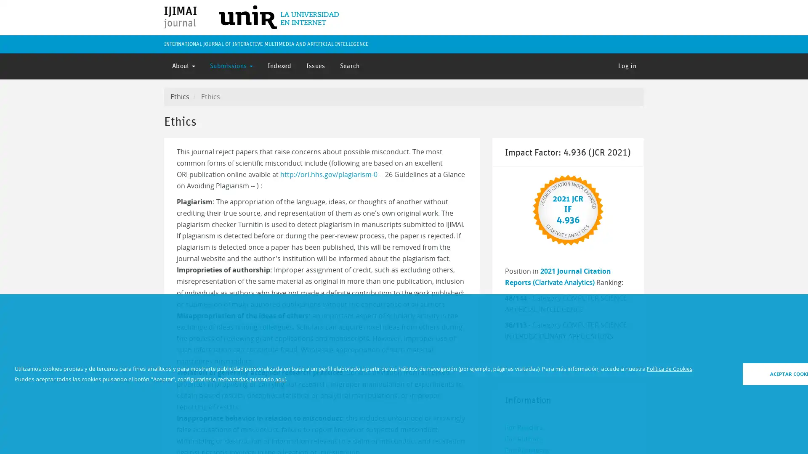 The height and width of the screenshot is (454, 808). Describe the element at coordinates (744, 373) in the screenshot. I see `ACEPTAR COOKIES` at that location.